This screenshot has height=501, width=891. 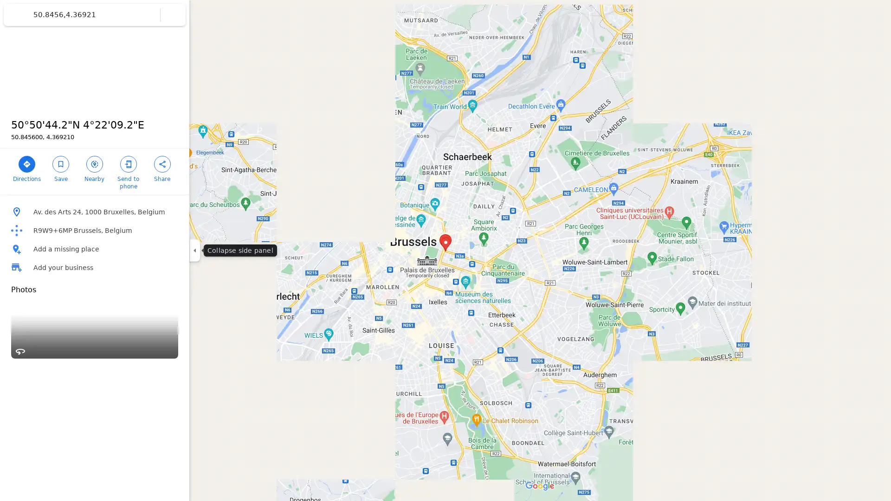 I want to click on Search nearby 5050'44.2"N 422'09.2"E, so click(x=94, y=168).